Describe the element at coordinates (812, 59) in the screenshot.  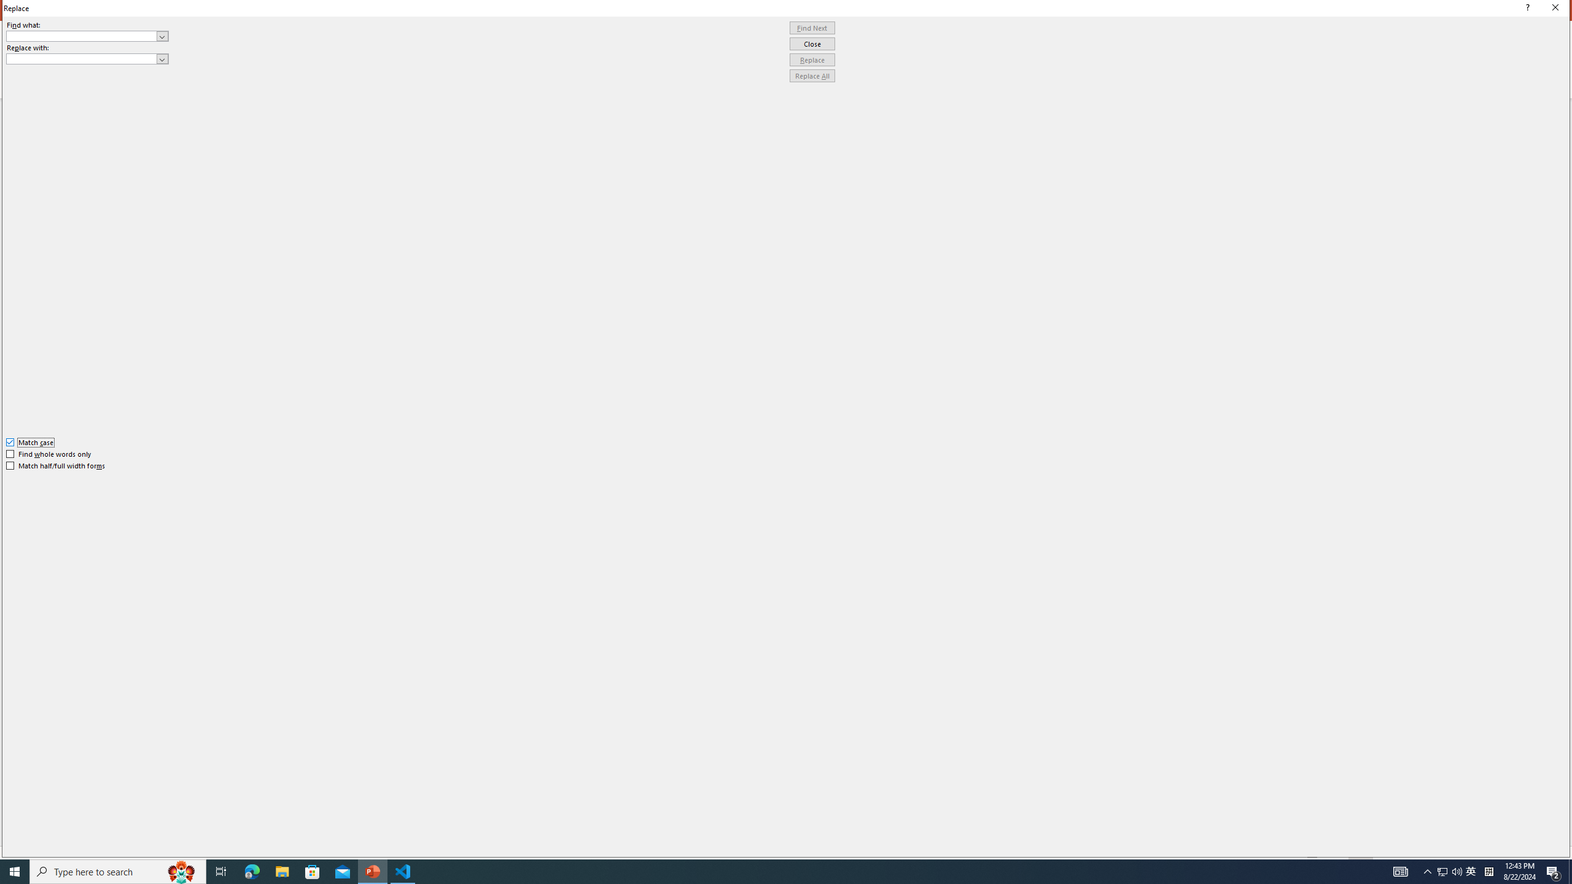
I see `'Replace'` at that location.